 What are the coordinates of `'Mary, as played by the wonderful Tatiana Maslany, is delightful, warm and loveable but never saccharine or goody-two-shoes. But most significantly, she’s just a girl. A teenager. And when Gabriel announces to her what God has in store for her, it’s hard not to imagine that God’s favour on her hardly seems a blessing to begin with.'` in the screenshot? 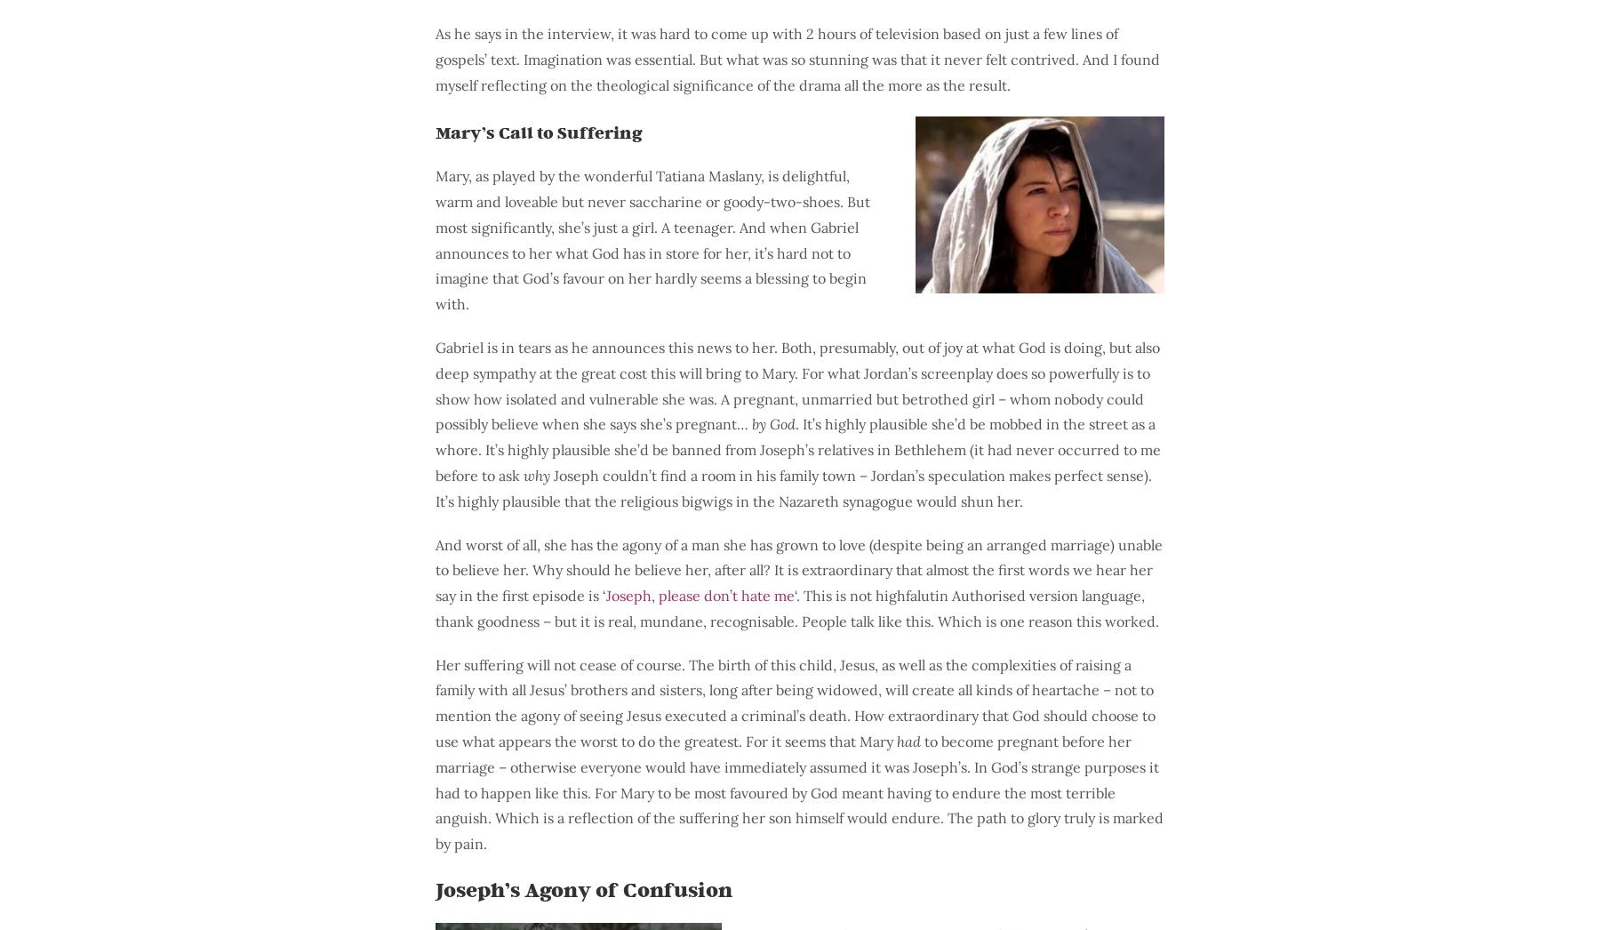 It's located at (652, 239).